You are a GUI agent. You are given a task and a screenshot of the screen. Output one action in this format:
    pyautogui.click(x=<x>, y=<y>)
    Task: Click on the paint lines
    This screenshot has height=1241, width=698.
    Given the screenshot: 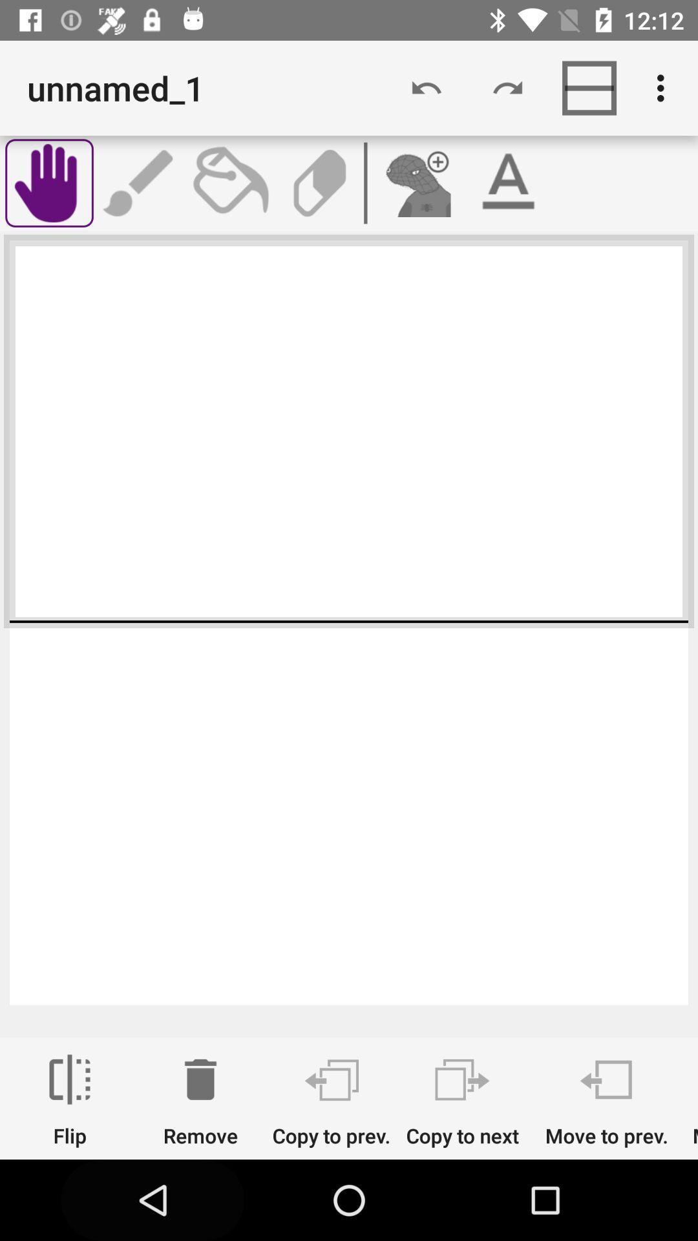 What is the action you would take?
    pyautogui.click(x=140, y=182)
    